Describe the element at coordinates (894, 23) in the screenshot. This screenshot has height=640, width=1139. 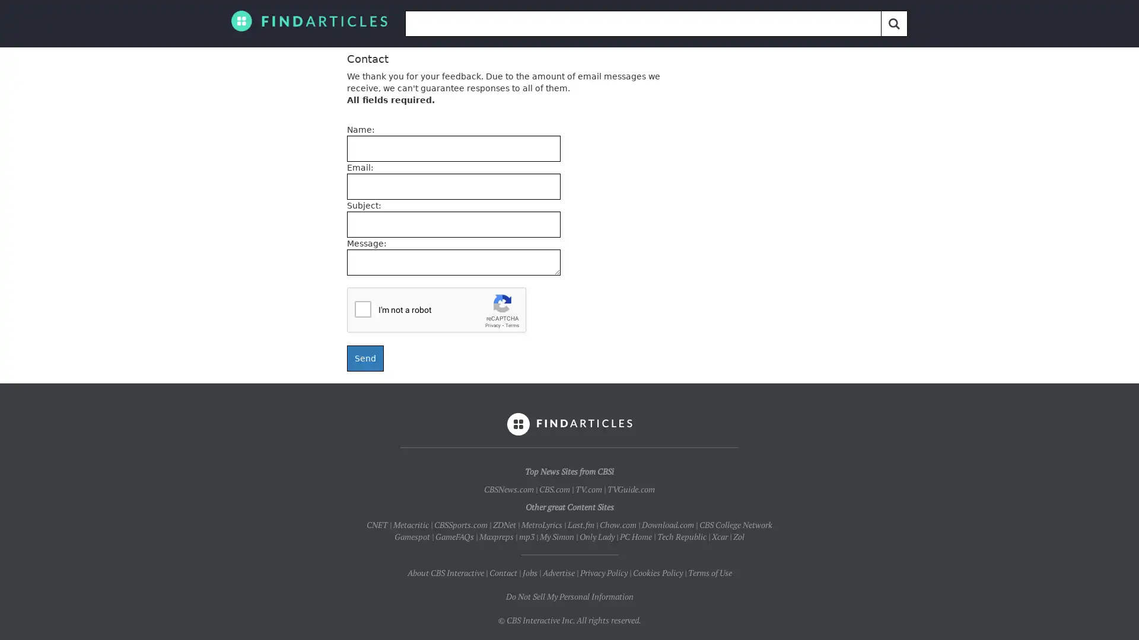
I see `Go` at that location.